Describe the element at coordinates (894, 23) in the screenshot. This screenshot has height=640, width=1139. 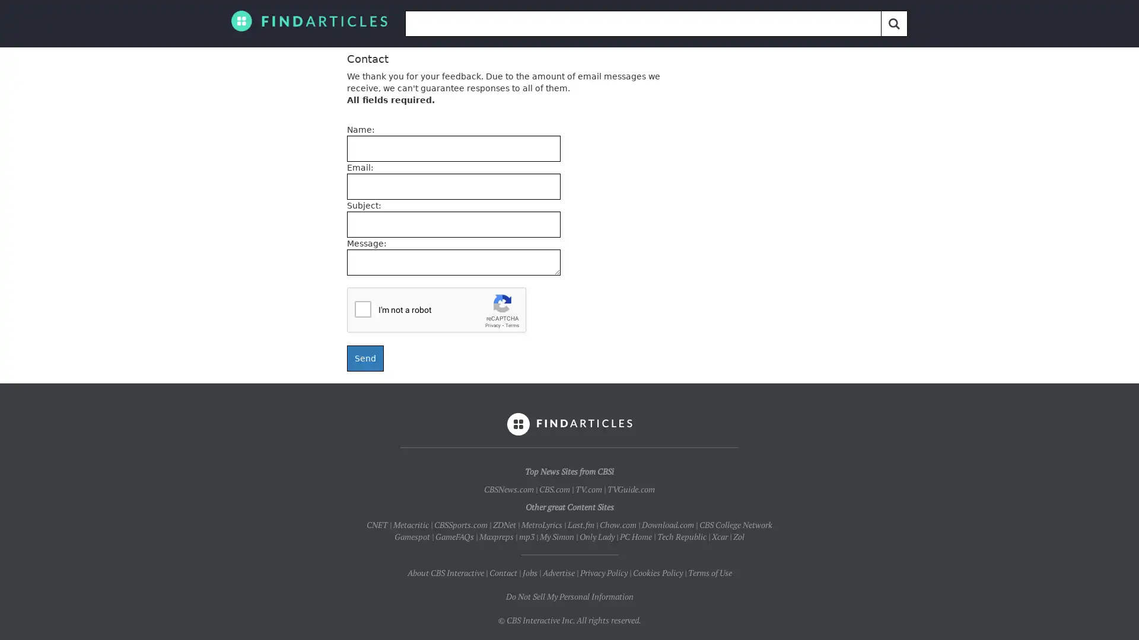
I see `Go` at that location.